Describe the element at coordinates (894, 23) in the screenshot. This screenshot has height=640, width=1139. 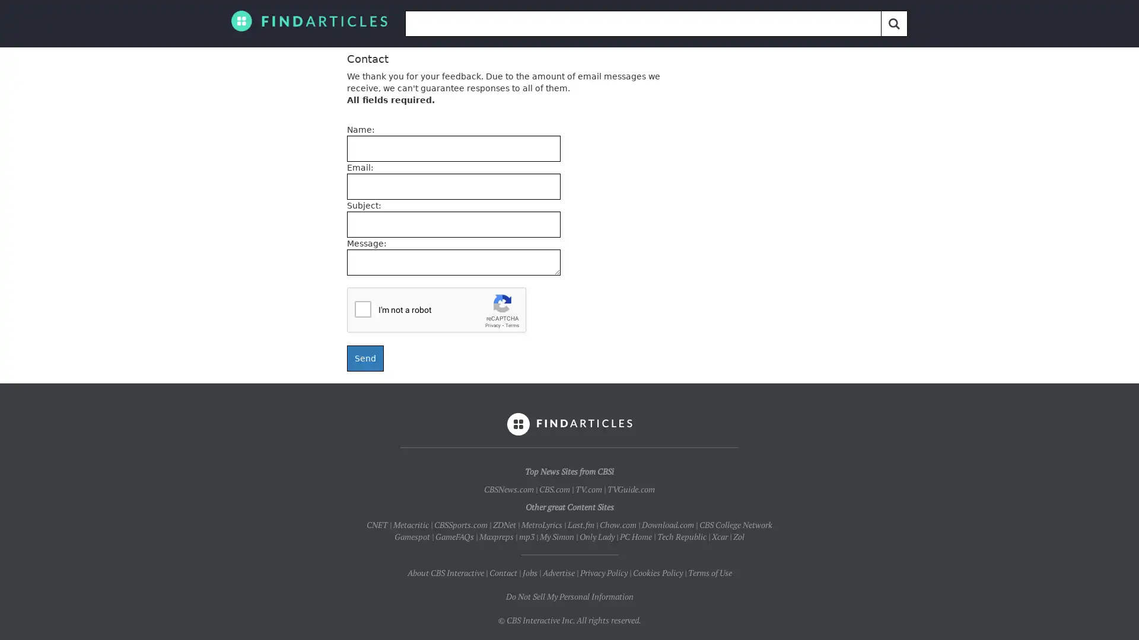
I see `Go` at that location.